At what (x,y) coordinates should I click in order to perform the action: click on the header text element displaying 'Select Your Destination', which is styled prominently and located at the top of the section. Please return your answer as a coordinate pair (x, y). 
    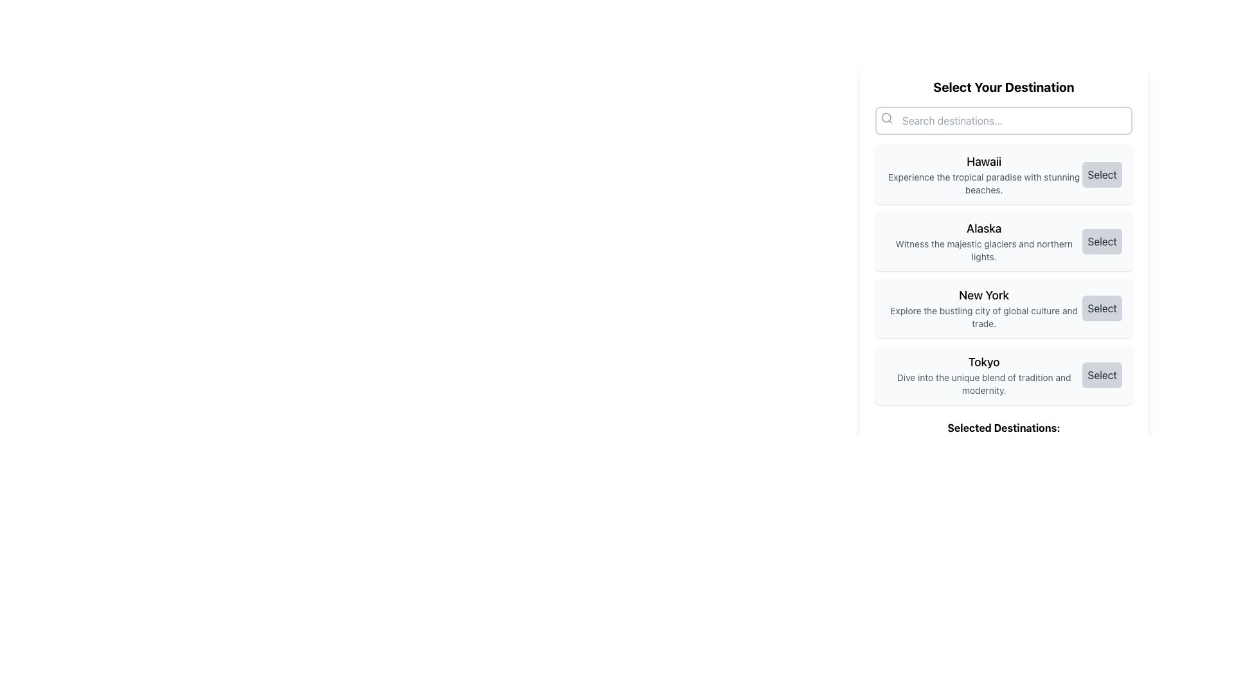
    Looking at the image, I should click on (1003, 87).